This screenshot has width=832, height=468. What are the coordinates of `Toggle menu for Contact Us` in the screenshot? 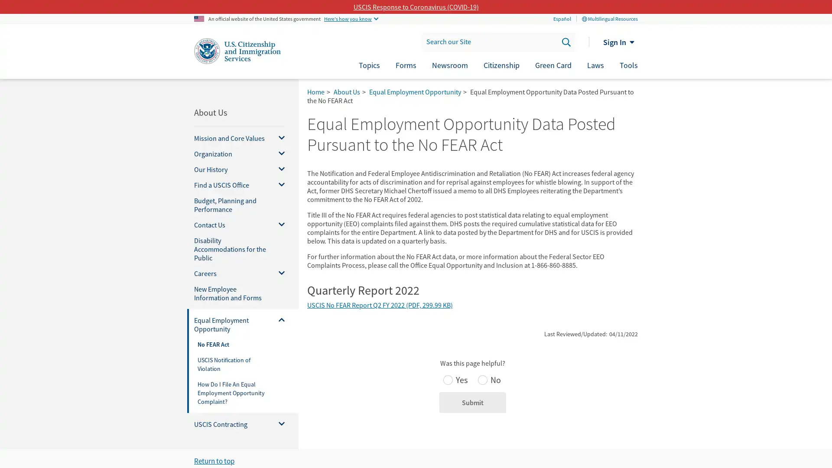 It's located at (278, 224).